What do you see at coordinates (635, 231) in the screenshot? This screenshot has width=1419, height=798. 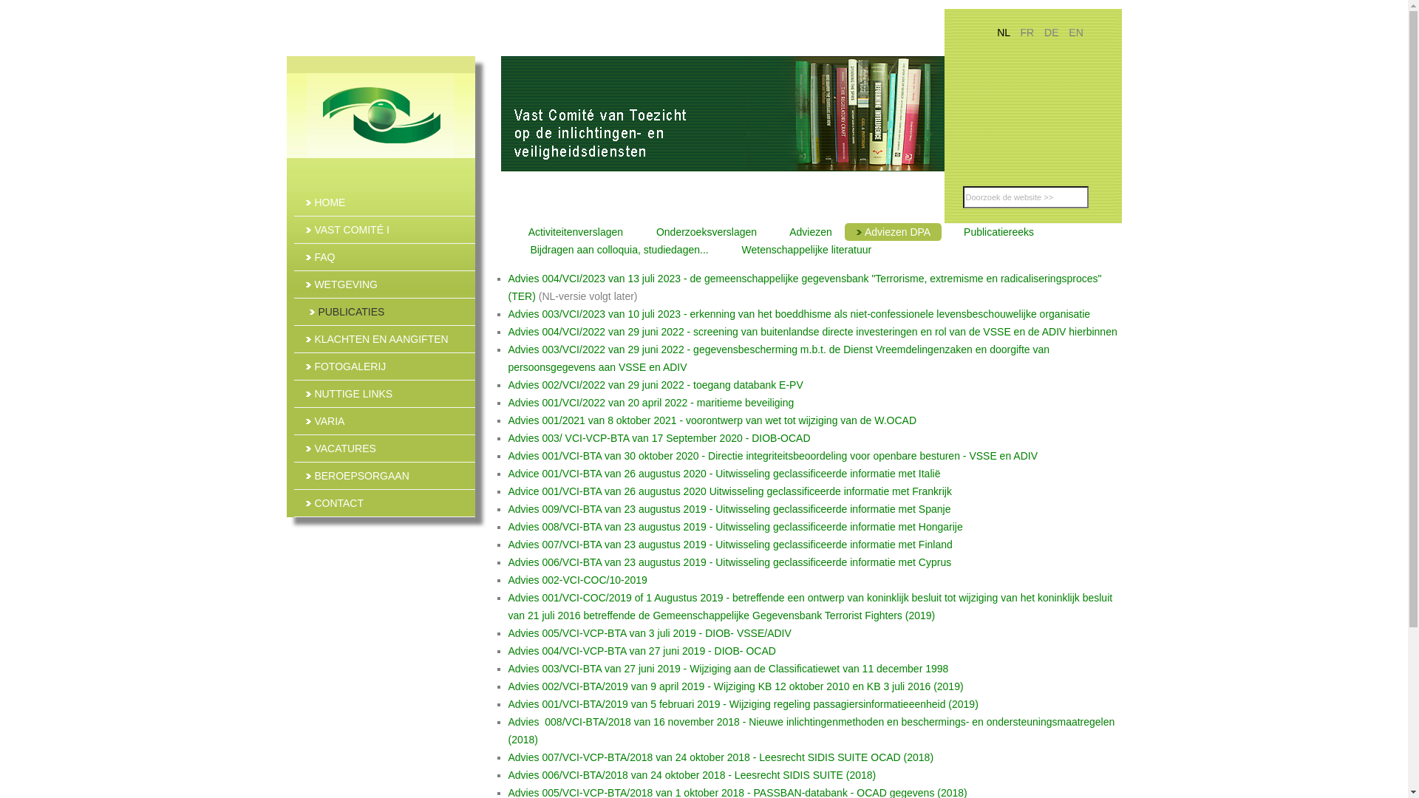 I see `'Onderzoeksverslagen'` at bounding box center [635, 231].